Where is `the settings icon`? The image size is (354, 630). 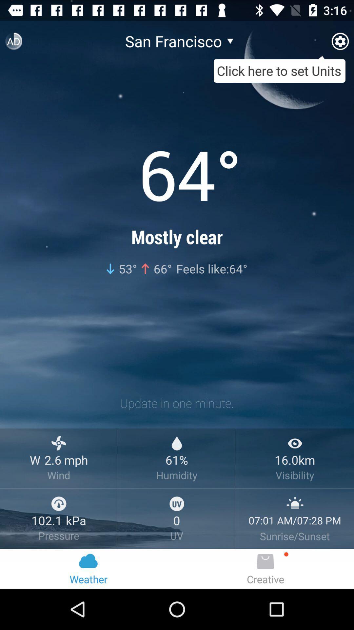 the settings icon is located at coordinates (340, 44).